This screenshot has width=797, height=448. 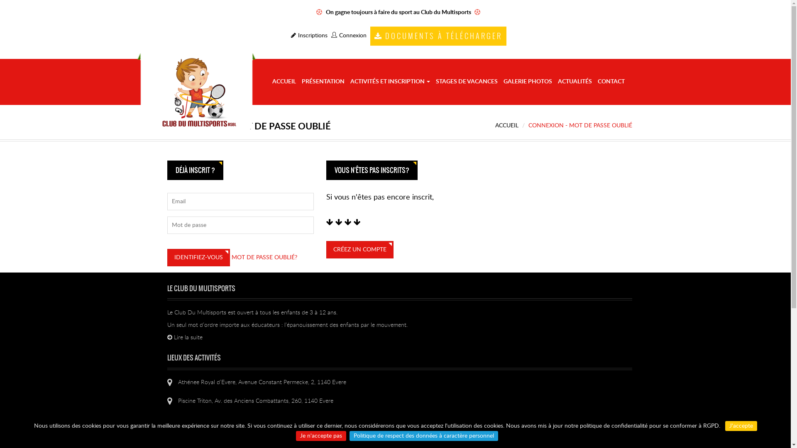 I want to click on 'Connexion', so click(x=349, y=35).